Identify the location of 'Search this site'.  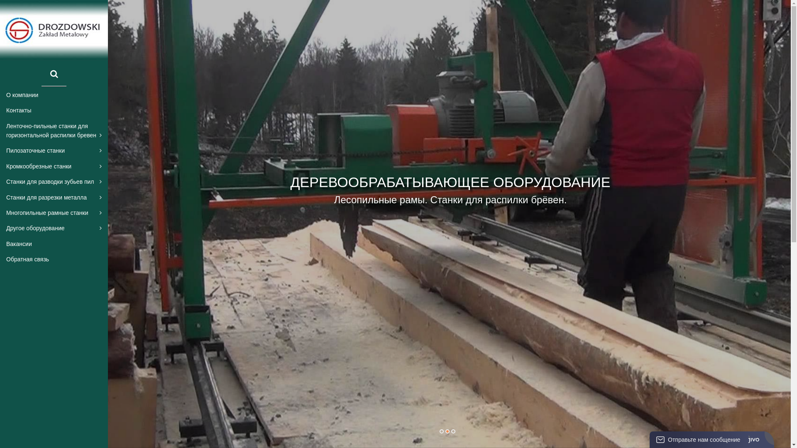
(53, 75).